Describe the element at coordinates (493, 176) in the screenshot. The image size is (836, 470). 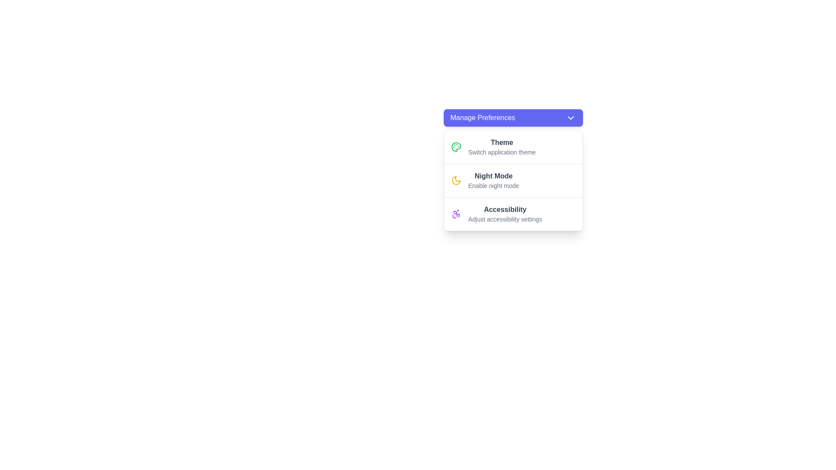
I see `the 'Night Mode' label in the 'Manage Preferences' menu, which displays the text in bold dark gray color` at that location.